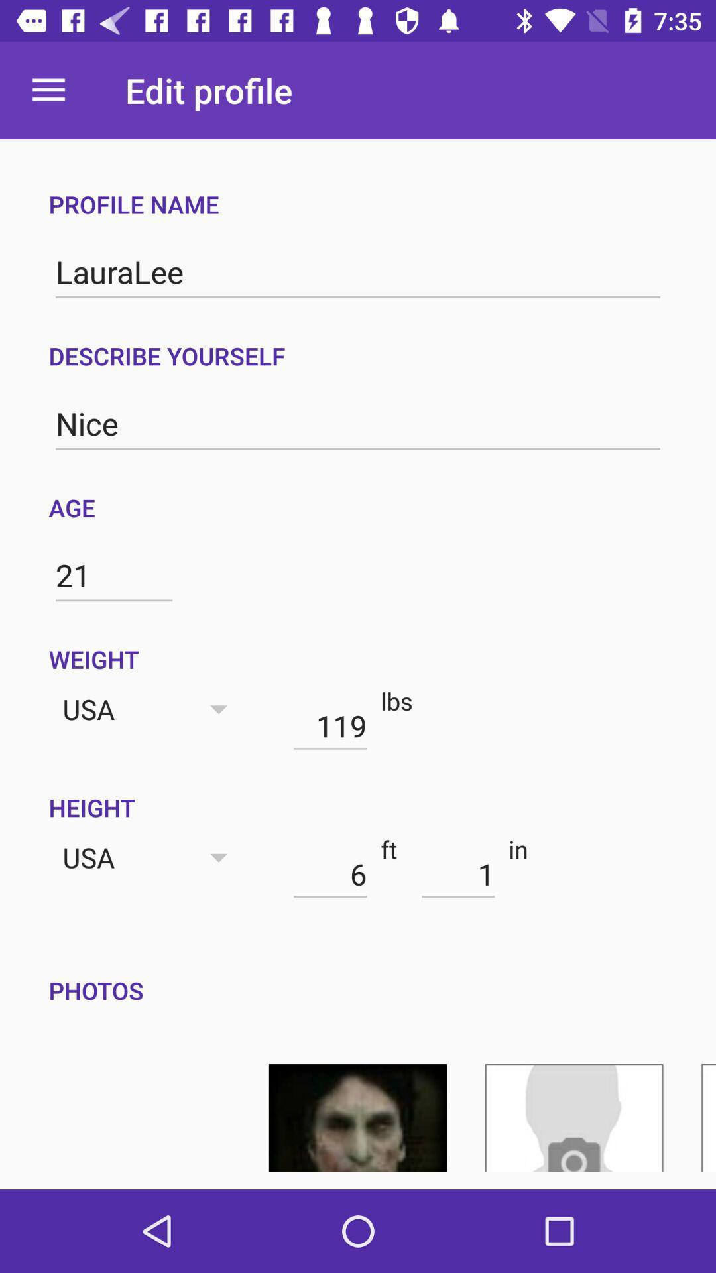 The height and width of the screenshot is (1273, 716). What do you see at coordinates (113, 576) in the screenshot?
I see `icon above the weight icon` at bounding box center [113, 576].